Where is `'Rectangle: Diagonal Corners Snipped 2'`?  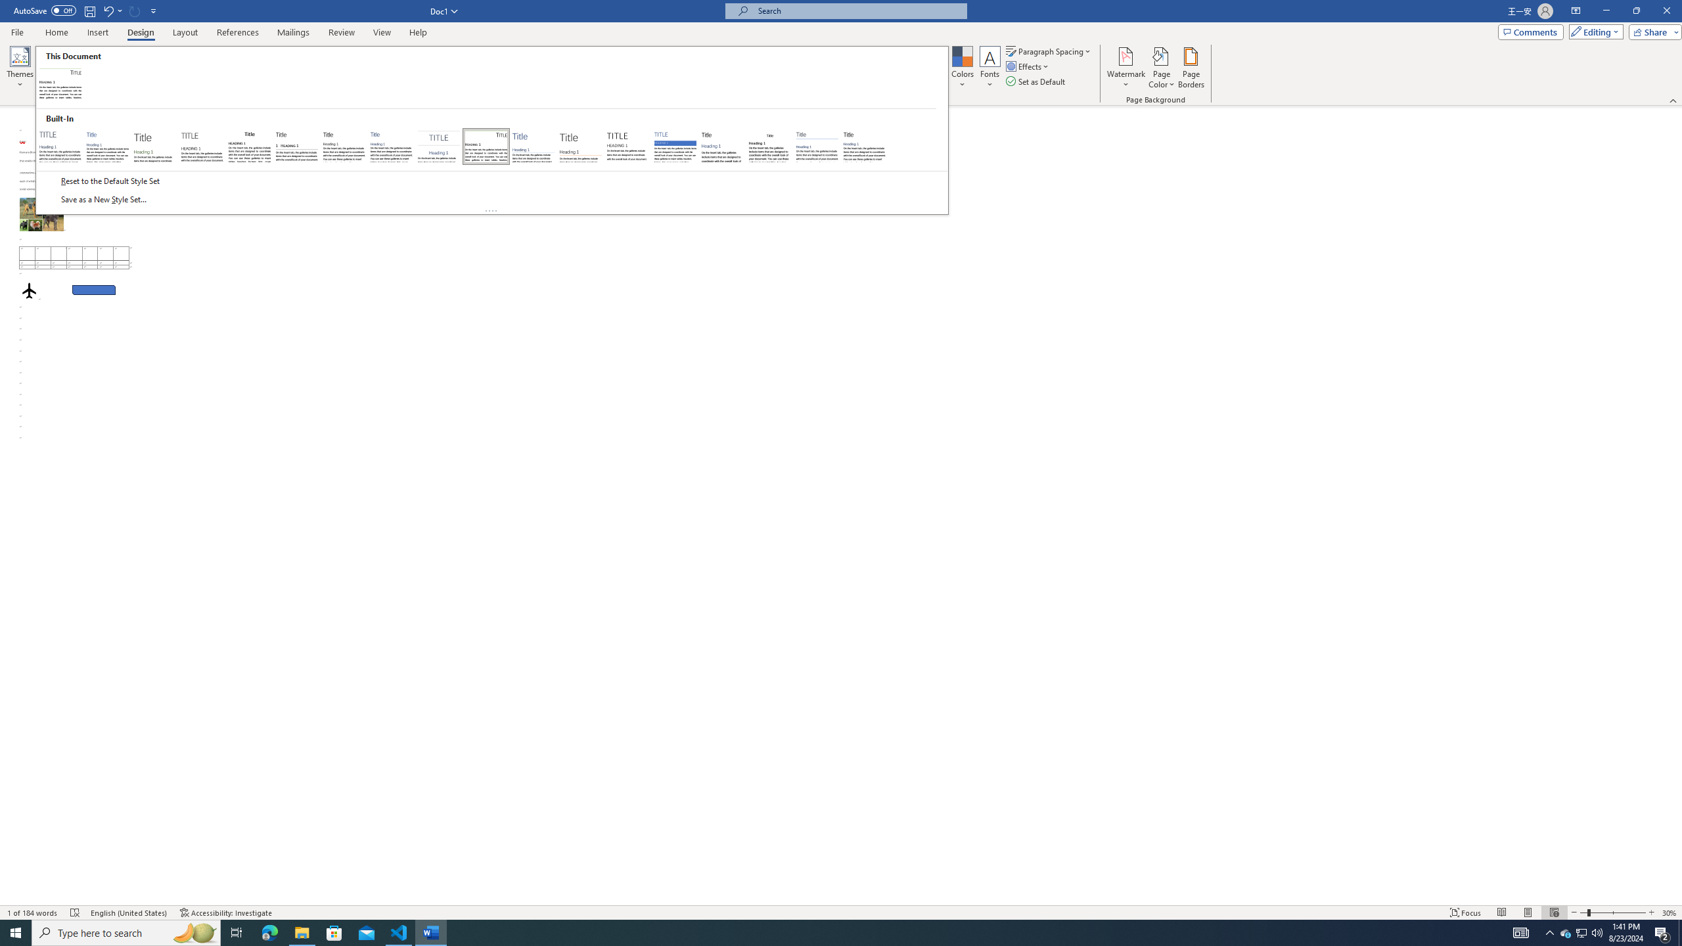
'Rectangle: Diagonal Corners Snipped 2' is located at coordinates (93, 289).